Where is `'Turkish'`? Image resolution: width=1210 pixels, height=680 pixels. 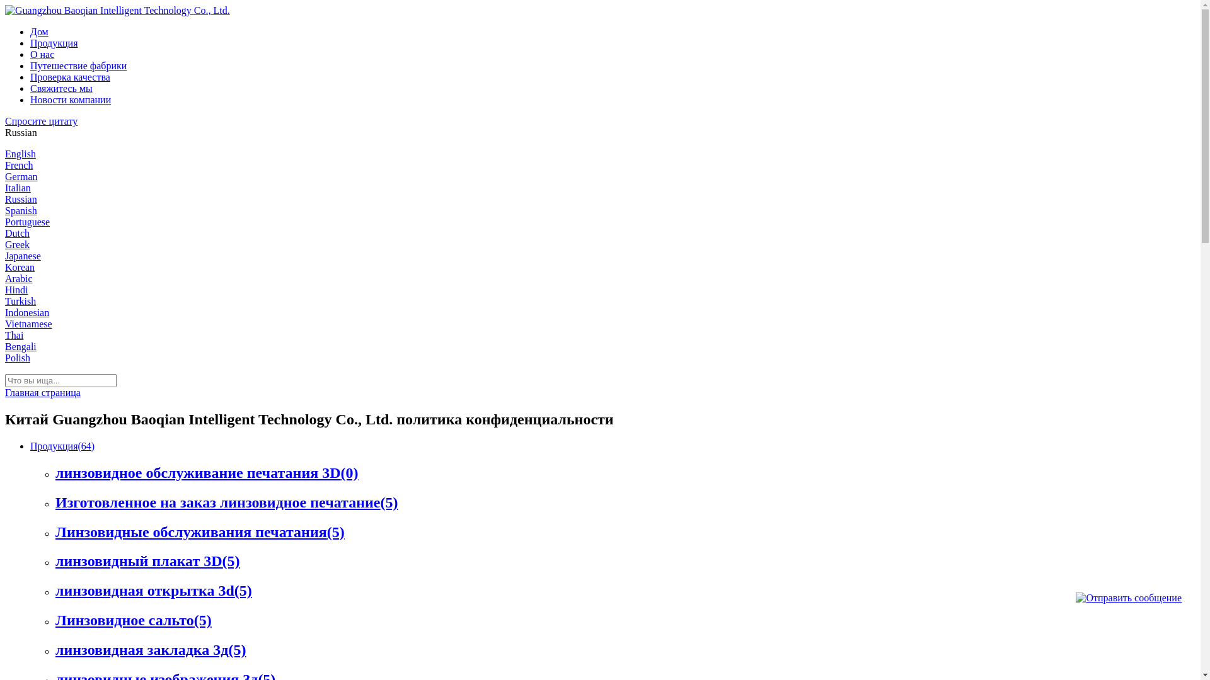 'Turkish' is located at coordinates (20, 301).